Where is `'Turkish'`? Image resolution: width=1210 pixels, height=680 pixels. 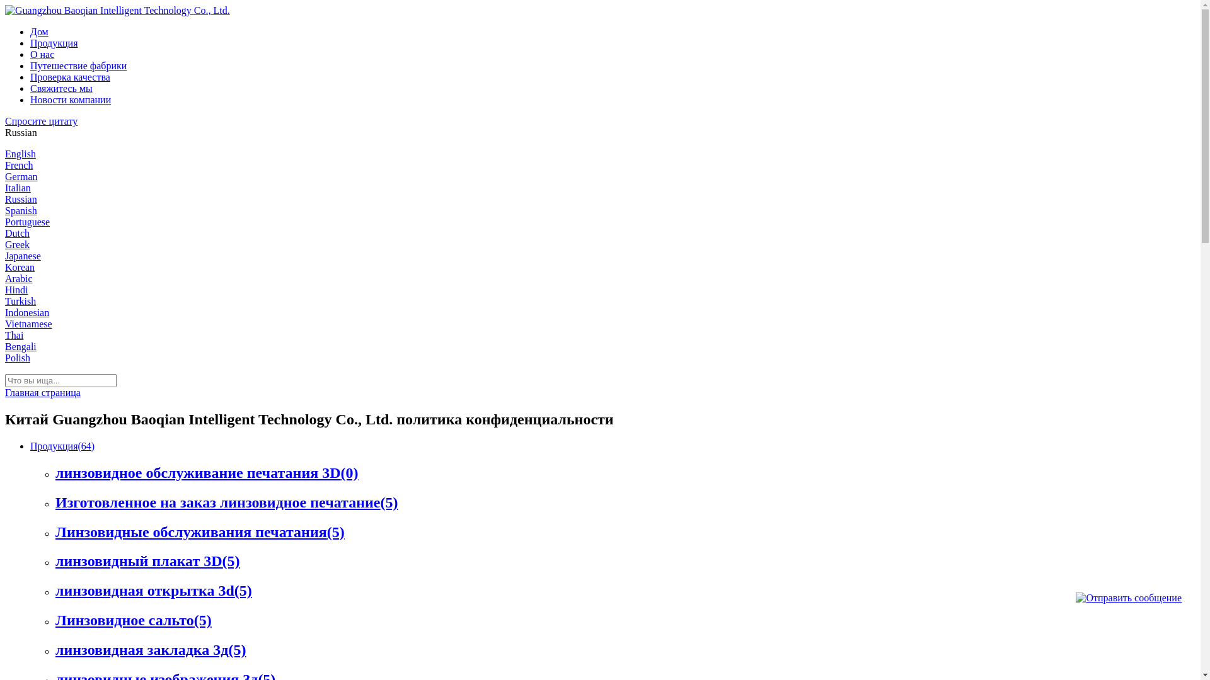 'Turkish' is located at coordinates (20, 301).